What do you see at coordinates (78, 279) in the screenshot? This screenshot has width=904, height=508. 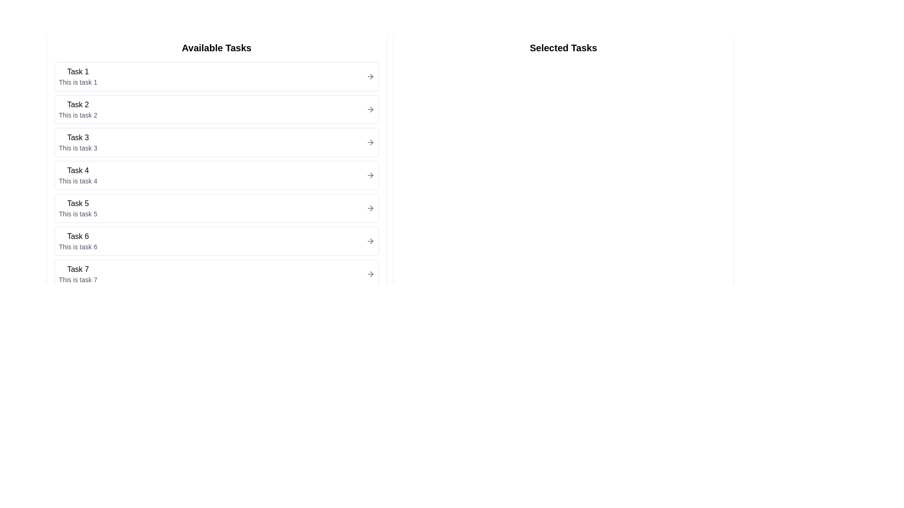 I see `the text label displaying 'This is task 7', which is located below the main header 'Task 7' in the 'Available Tasks' column` at bounding box center [78, 279].